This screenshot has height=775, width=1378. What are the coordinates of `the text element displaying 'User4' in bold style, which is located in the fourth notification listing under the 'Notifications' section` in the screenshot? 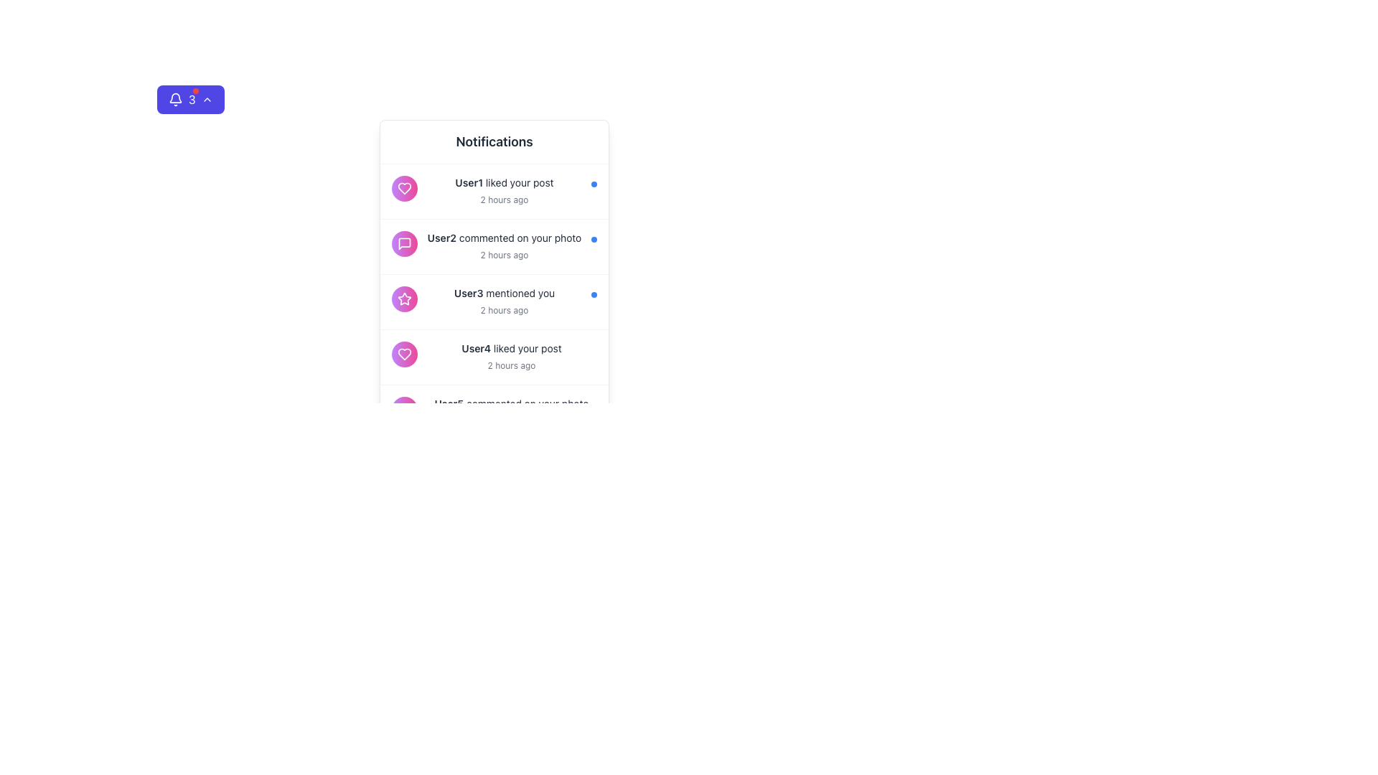 It's located at (476, 348).